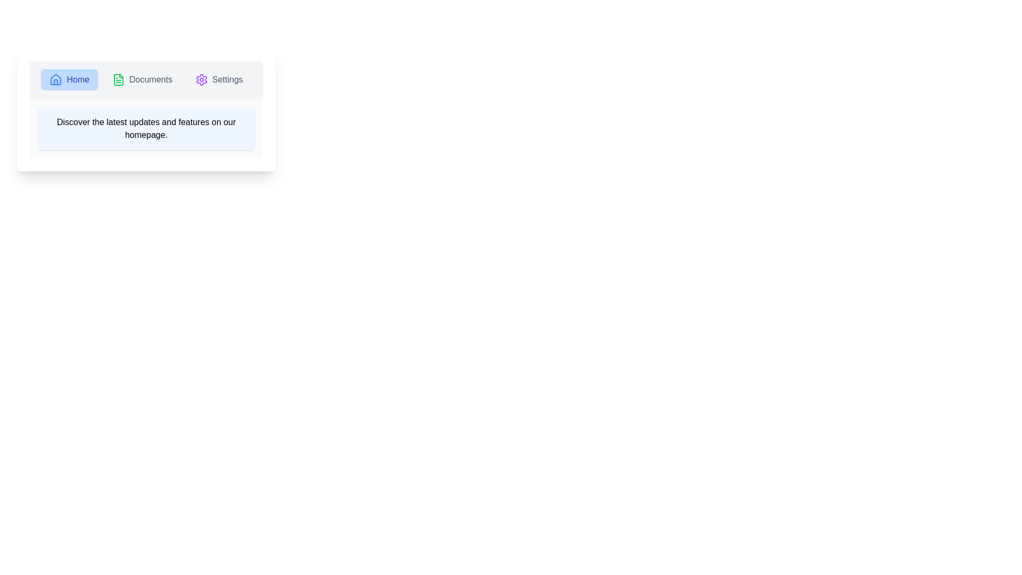 The width and height of the screenshot is (1022, 575). I want to click on the Documents tab by clicking on it, so click(142, 79).